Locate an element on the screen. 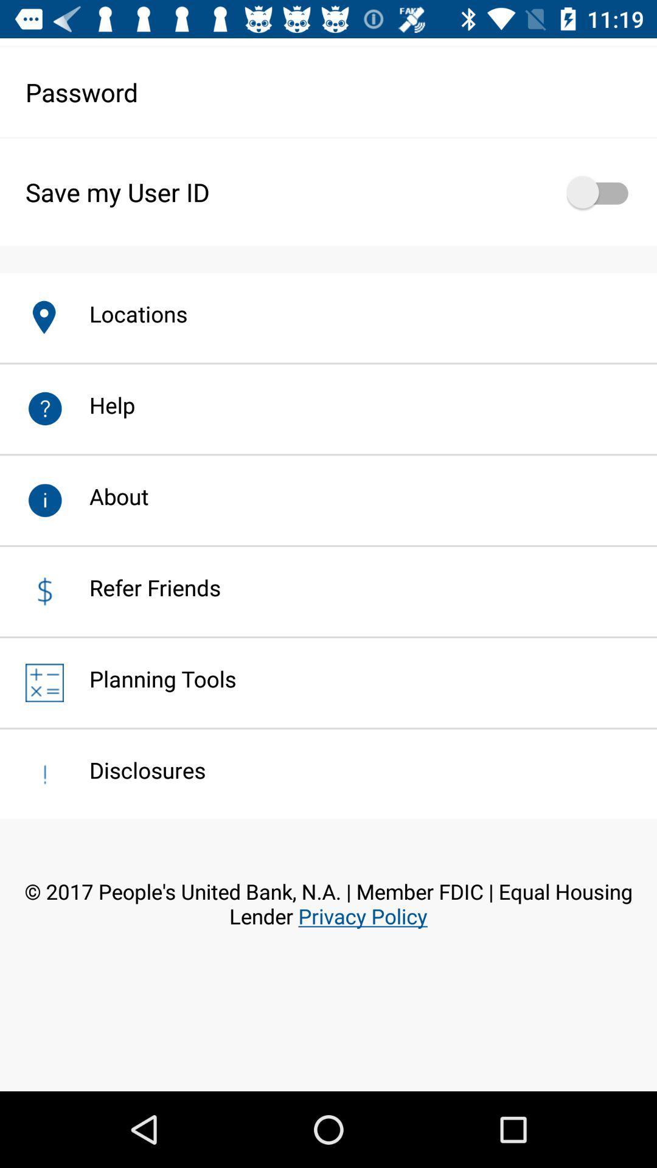 The height and width of the screenshot is (1168, 657). refer friends item is located at coordinates (142, 587).